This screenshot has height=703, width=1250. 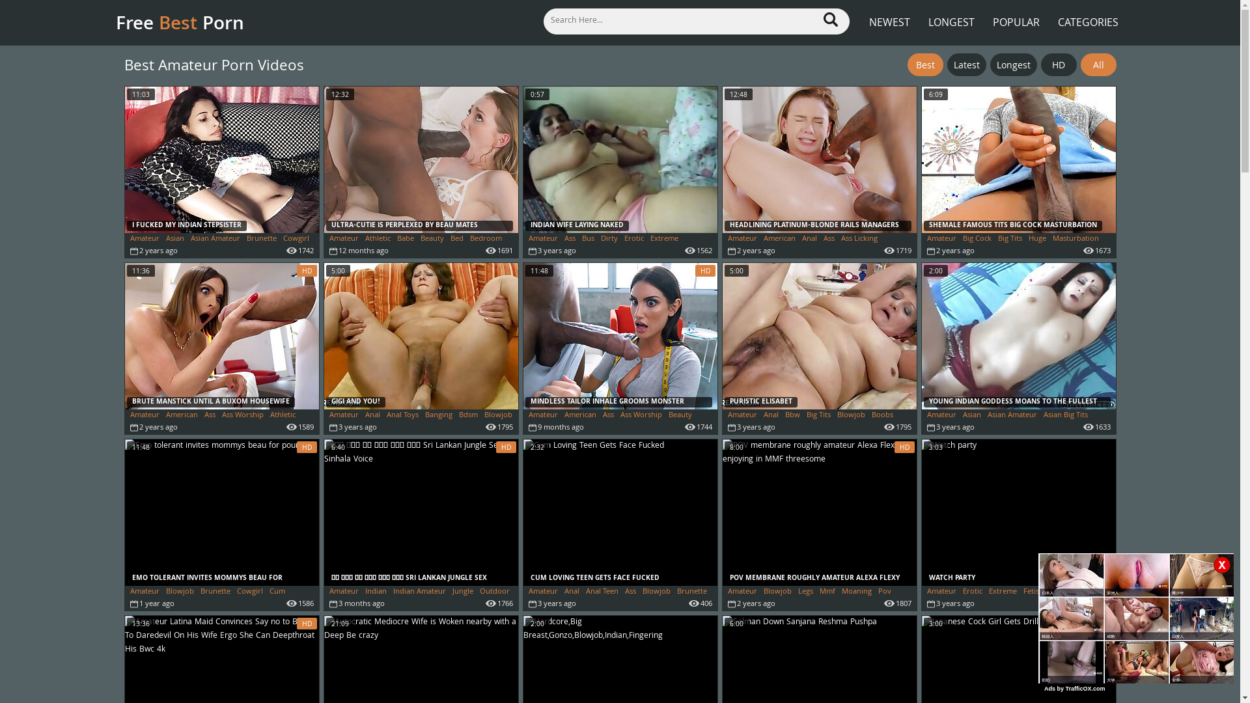 What do you see at coordinates (965, 64) in the screenshot?
I see `'Latest'` at bounding box center [965, 64].